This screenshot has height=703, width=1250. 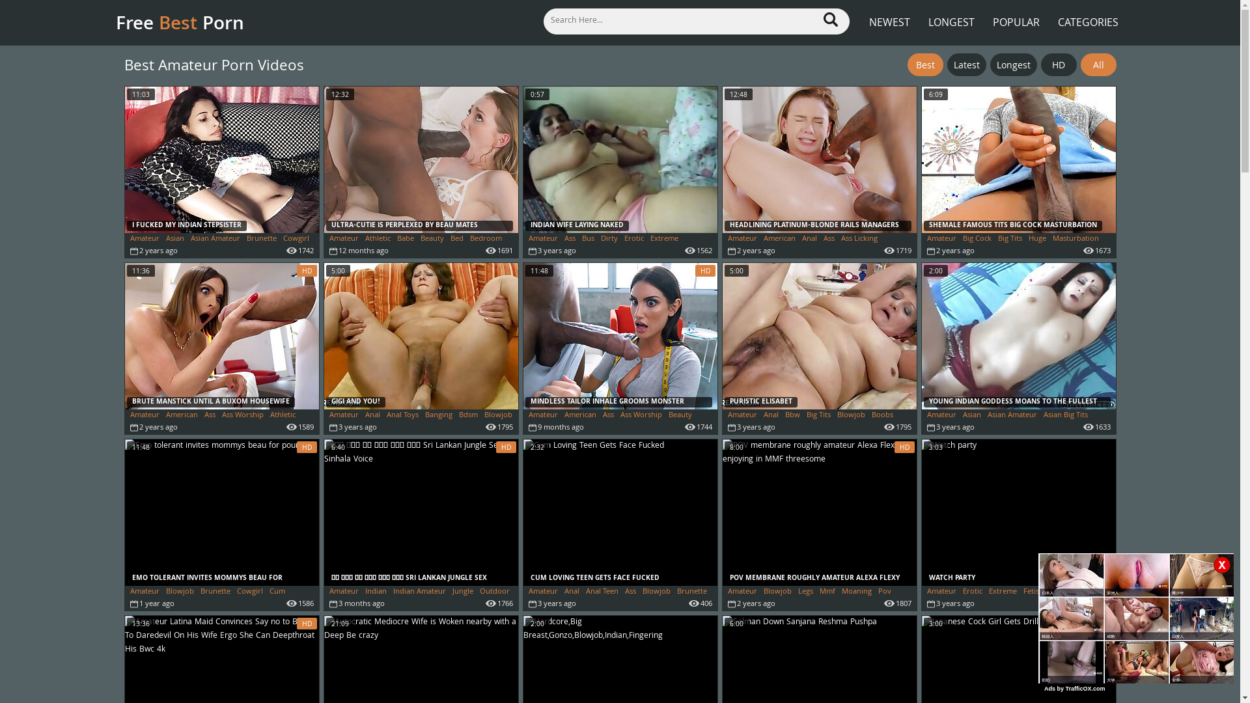 What do you see at coordinates (965, 64) in the screenshot?
I see `'Latest'` at bounding box center [965, 64].